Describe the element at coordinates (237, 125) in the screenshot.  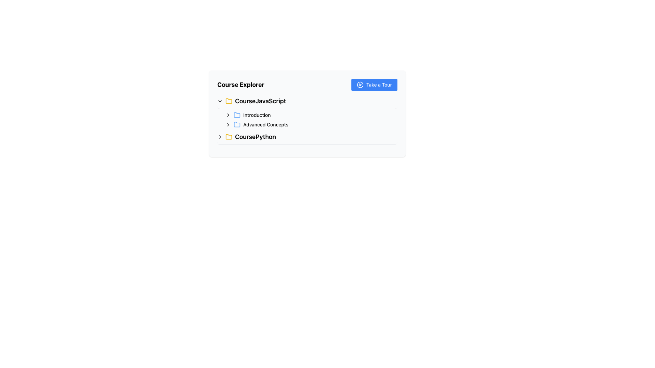
I see `the icon associated with the 'Advanced Concepts' folder in the 'Course Explorer' menu to interact with it and reveal its contents` at that location.